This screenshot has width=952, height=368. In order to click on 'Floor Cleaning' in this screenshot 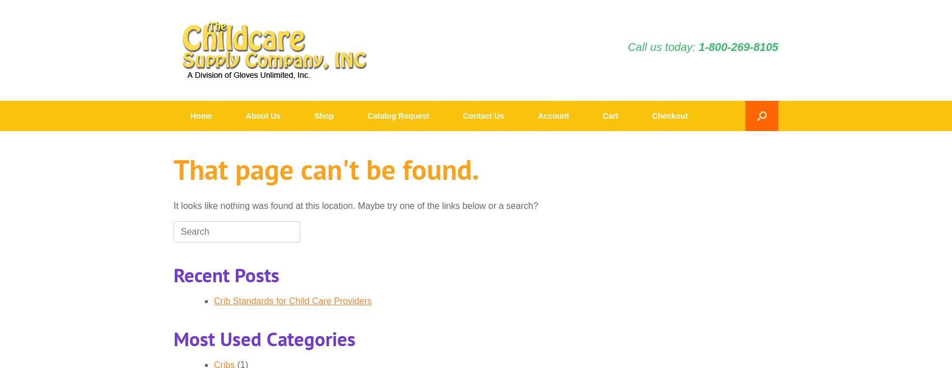, I will do `click(453, 315)`.